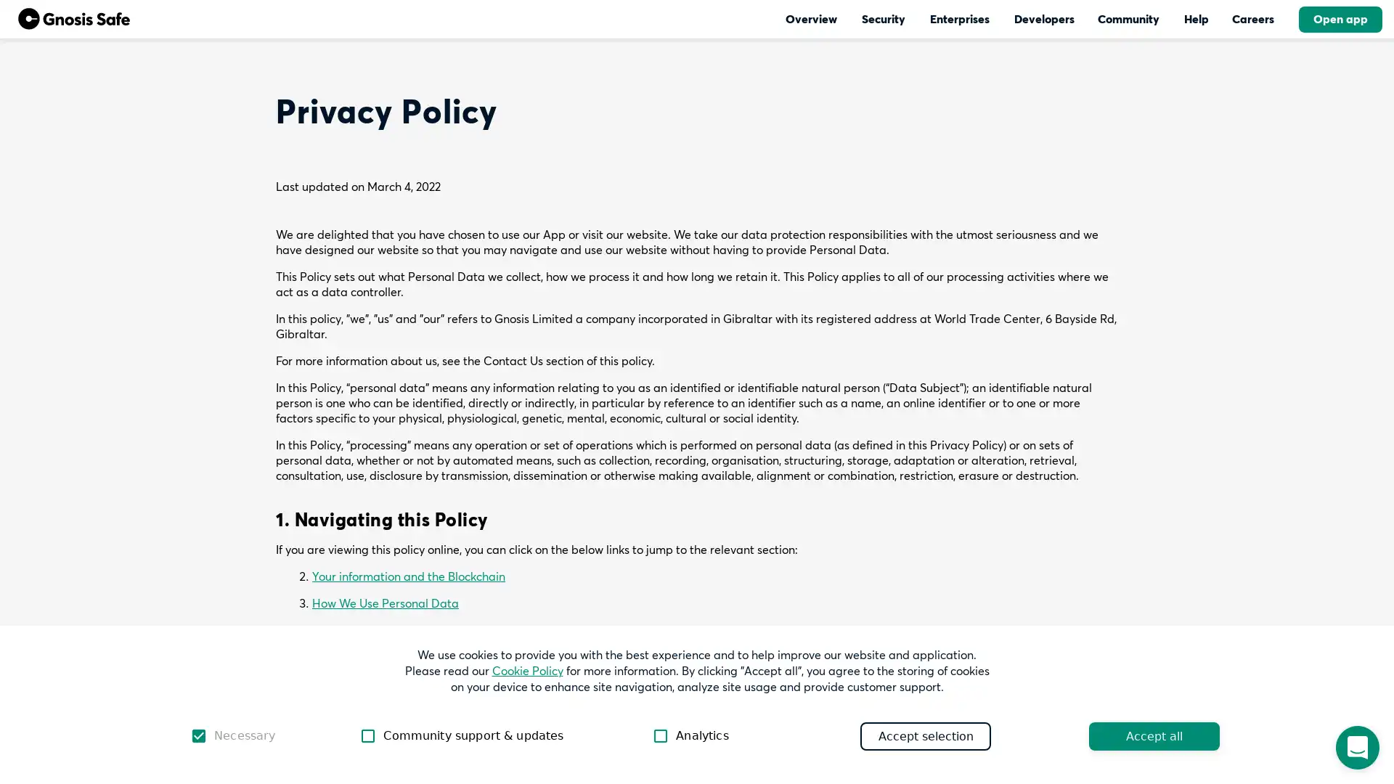 The height and width of the screenshot is (784, 1394). What do you see at coordinates (1153, 735) in the screenshot?
I see `Accept all` at bounding box center [1153, 735].